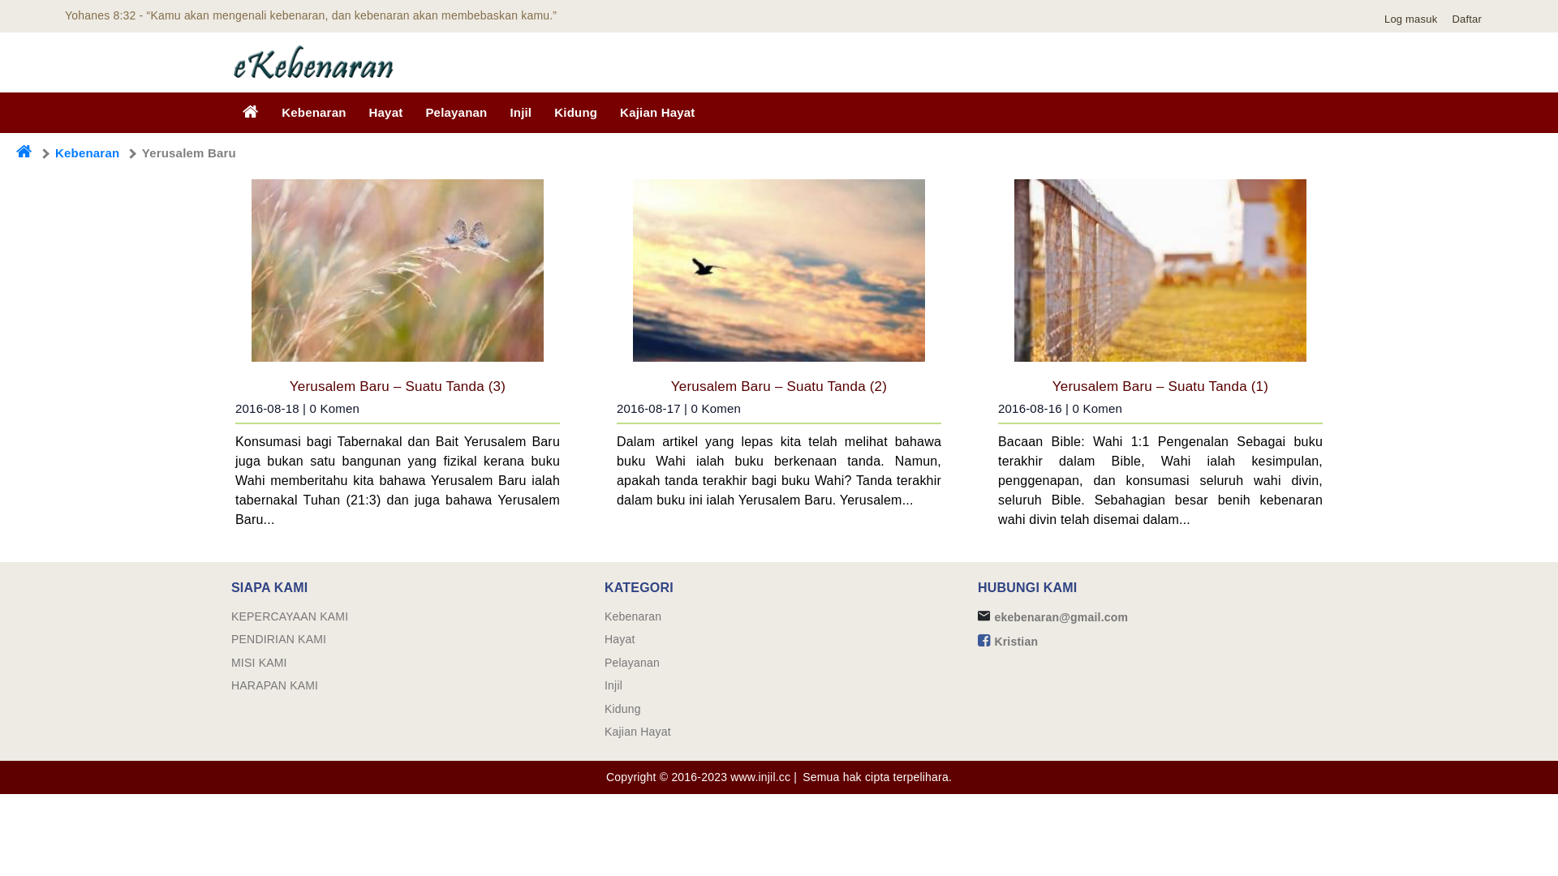 This screenshot has height=876, width=1558. Describe the element at coordinates (258, 663) in the screenshot. I see `'MISI KAMI'` at that location.